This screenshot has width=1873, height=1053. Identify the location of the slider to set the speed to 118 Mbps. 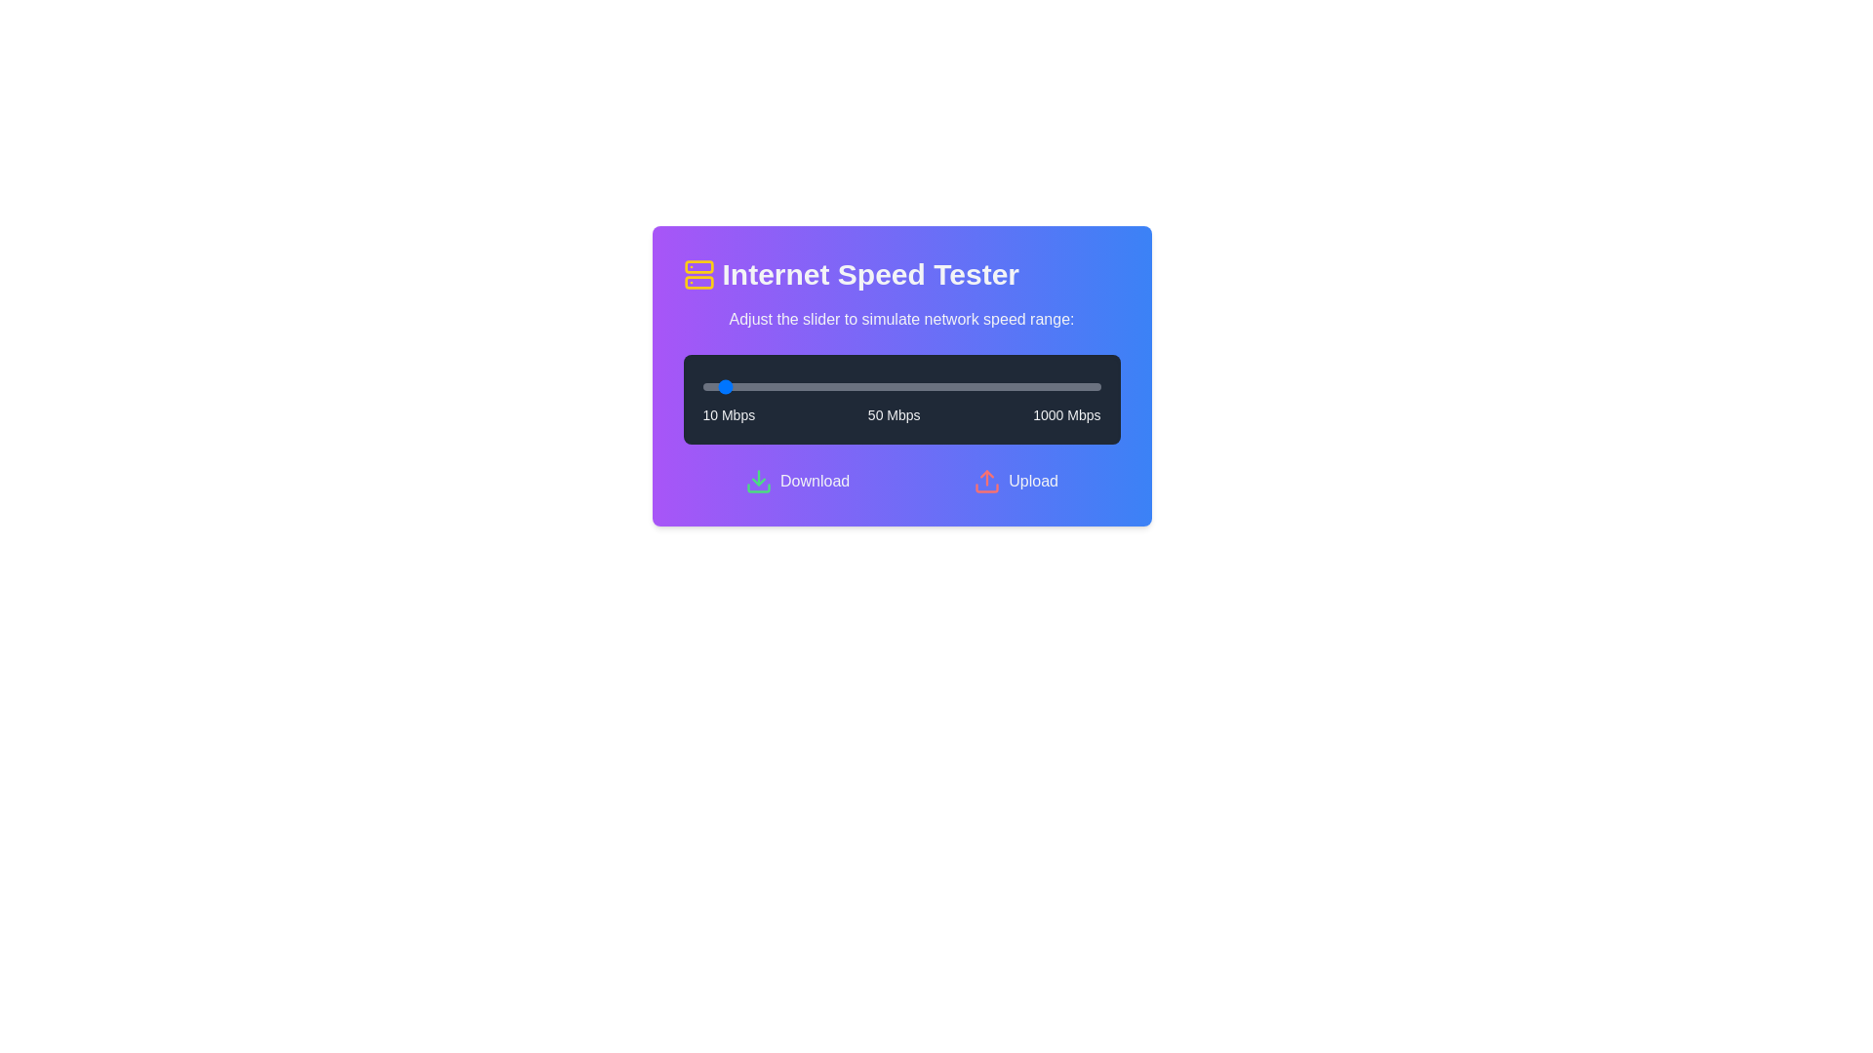
(744, 387).